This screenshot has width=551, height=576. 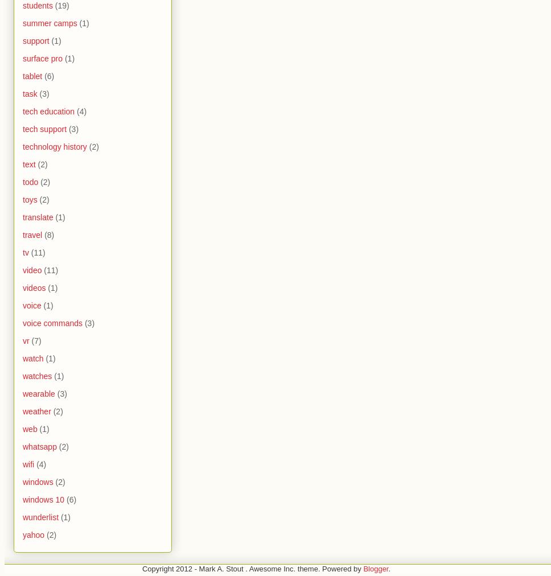 What do you see at coordinates (375, 569) in the screenshot?
I see `'Blogger'` at bounding box center [375, 569].